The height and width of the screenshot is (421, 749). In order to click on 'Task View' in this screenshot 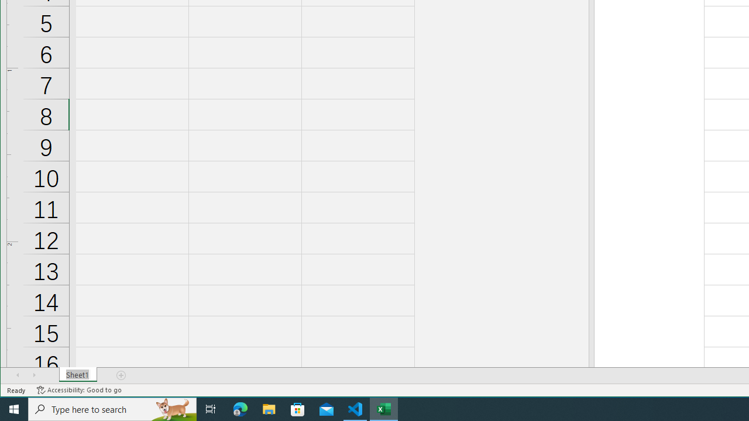, I will do `click(210, 408)`.